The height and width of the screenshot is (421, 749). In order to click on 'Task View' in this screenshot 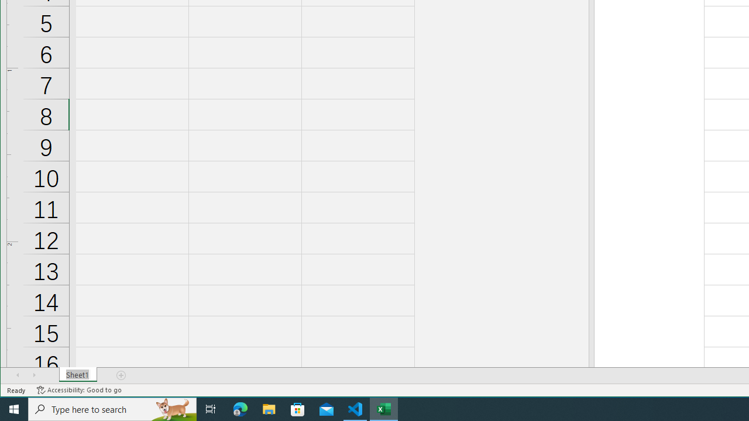, I will do `click(210, 408)`.